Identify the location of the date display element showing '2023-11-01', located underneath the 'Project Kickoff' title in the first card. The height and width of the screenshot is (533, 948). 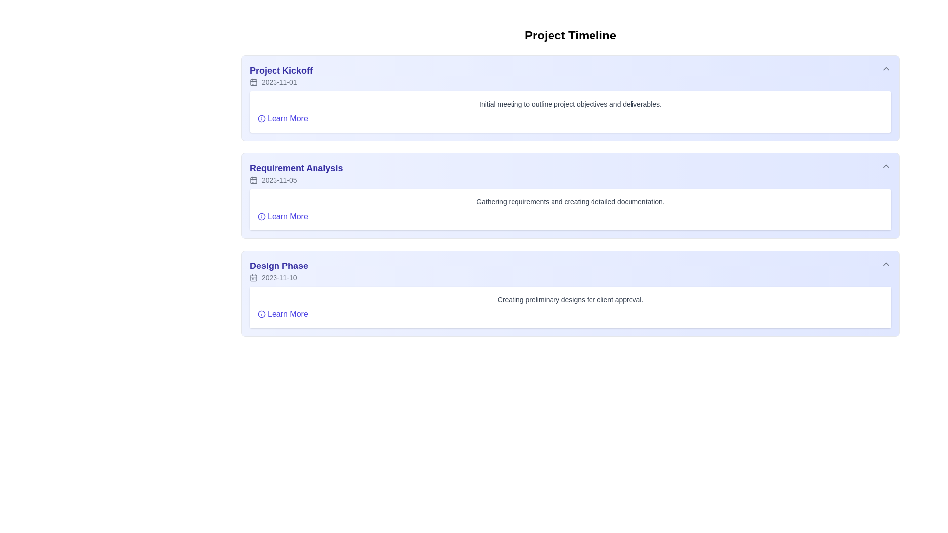
(280, 81).